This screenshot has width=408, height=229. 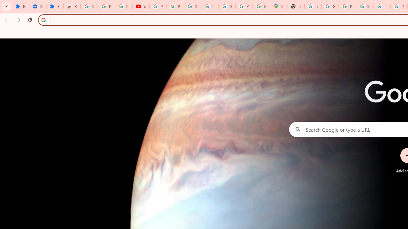 What do you see at coordinates (279, 6) in the screenshot?
I see `'Google Maps'` at bounding box center [279, 6].